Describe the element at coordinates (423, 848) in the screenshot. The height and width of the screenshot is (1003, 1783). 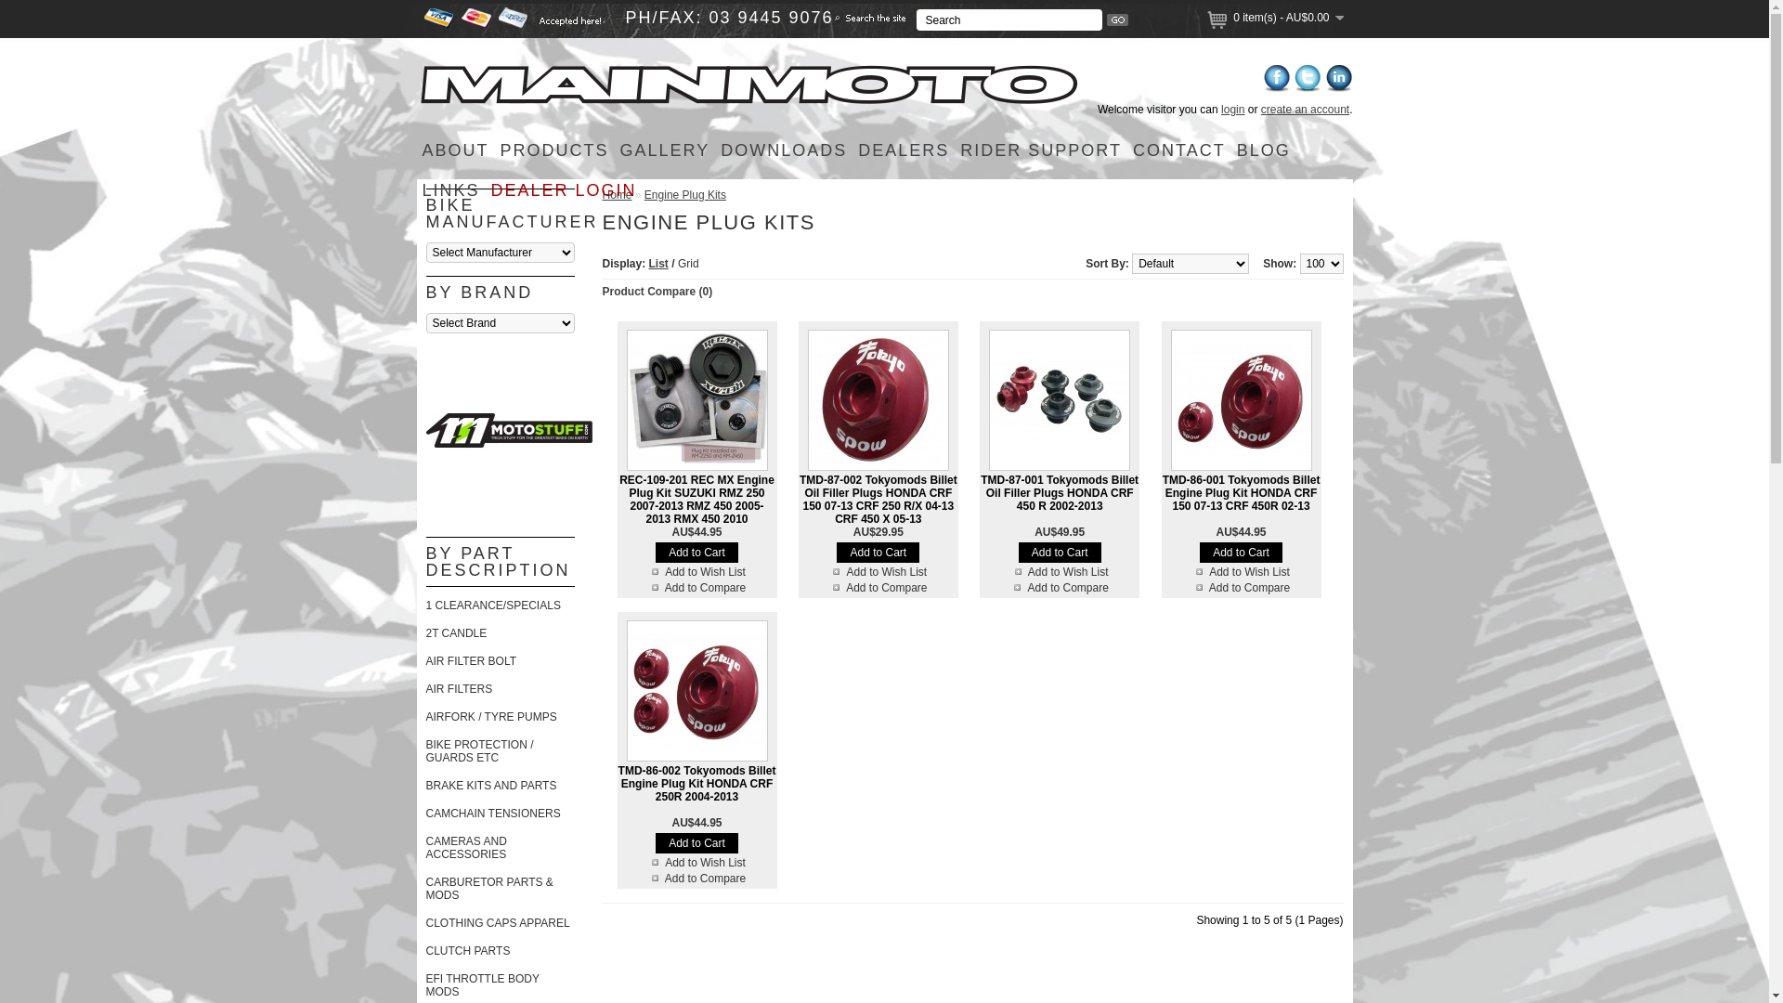
I see `'CAMERAS AND ACCESSORIES'` at that location.